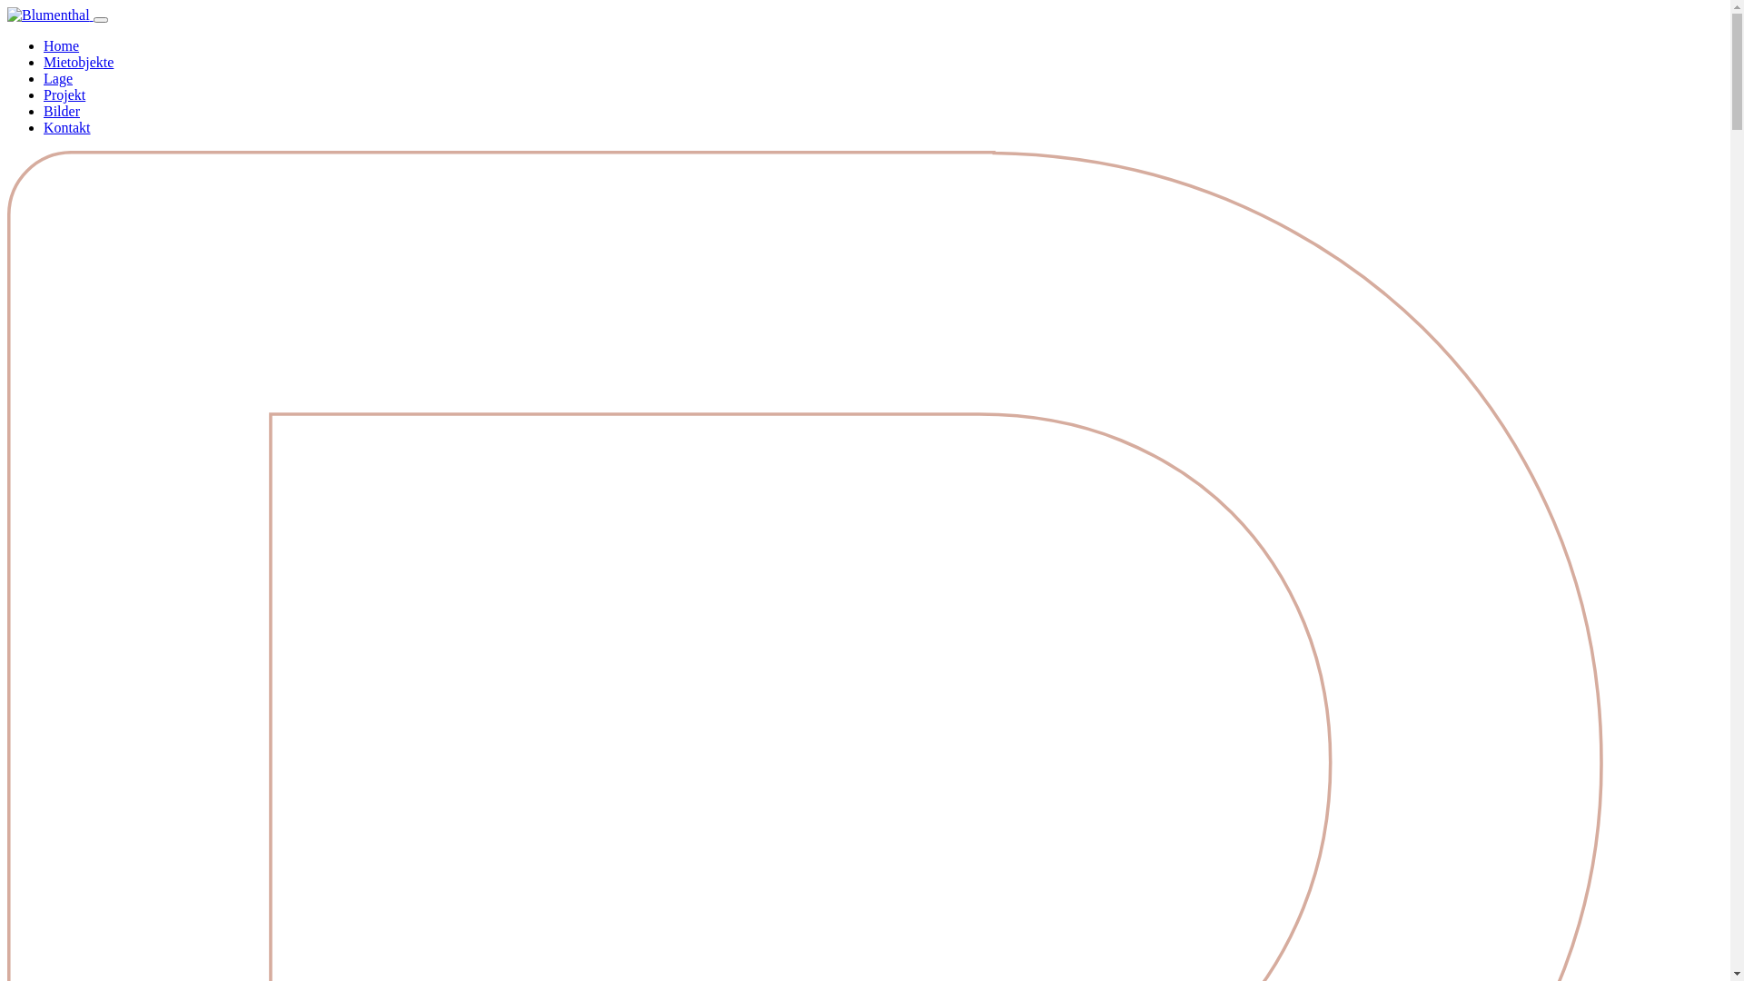 Image resolution: width=1744 pixels, height=981 pixels. I want to click on 'Home', so click(61, 45).